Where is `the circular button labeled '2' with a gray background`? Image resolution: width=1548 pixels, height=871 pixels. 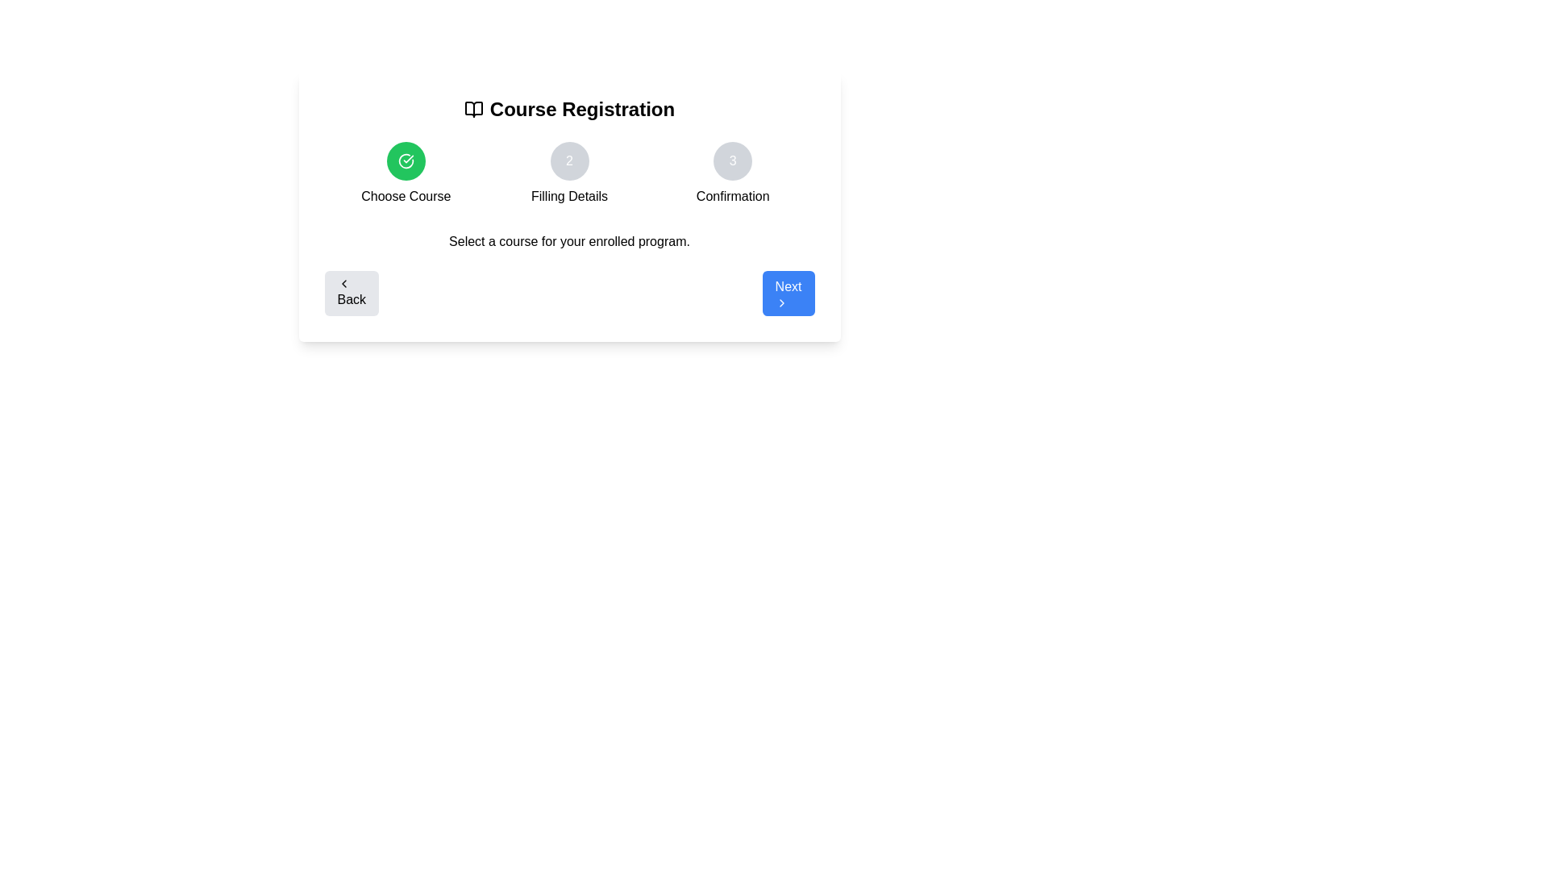
the circular button labeled '2' with a gray background is located at coordinates (569, 161).